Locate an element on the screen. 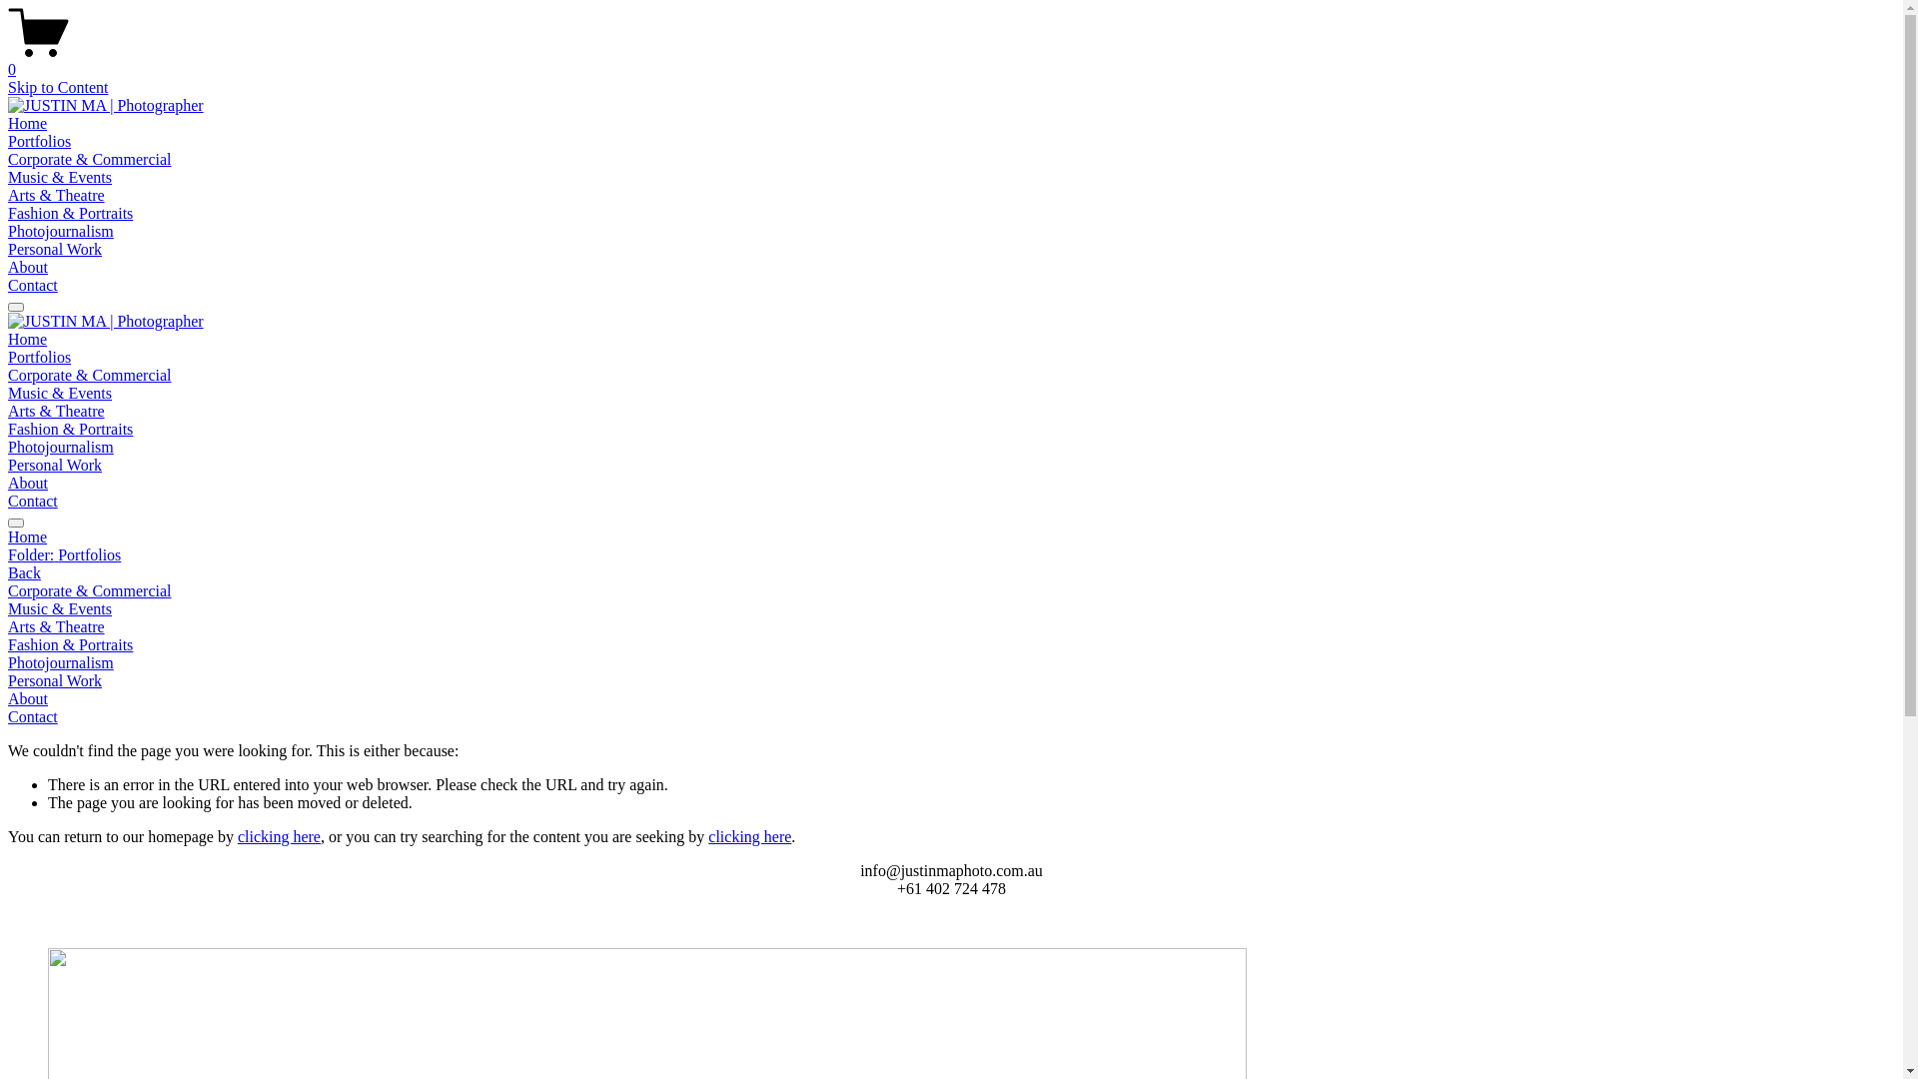 Image resolution: width=1918 pixels, height=1079 pixels. 'Photojournalism' is located at coordinates (61, 230).